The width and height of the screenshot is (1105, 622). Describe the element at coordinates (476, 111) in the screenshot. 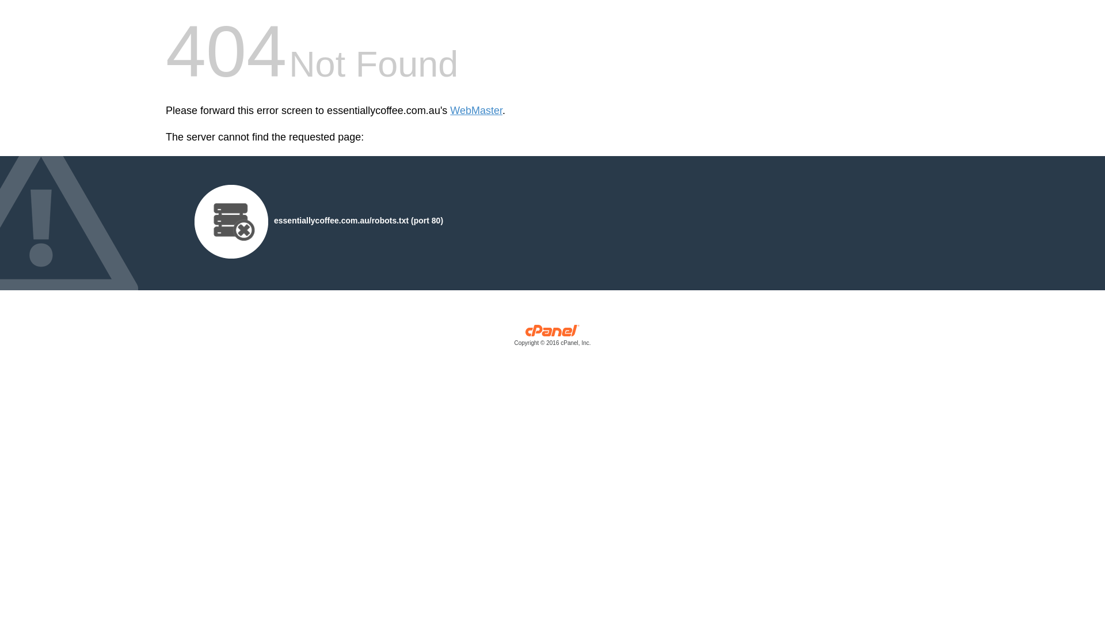

I see `'WebMaster'` at that location.